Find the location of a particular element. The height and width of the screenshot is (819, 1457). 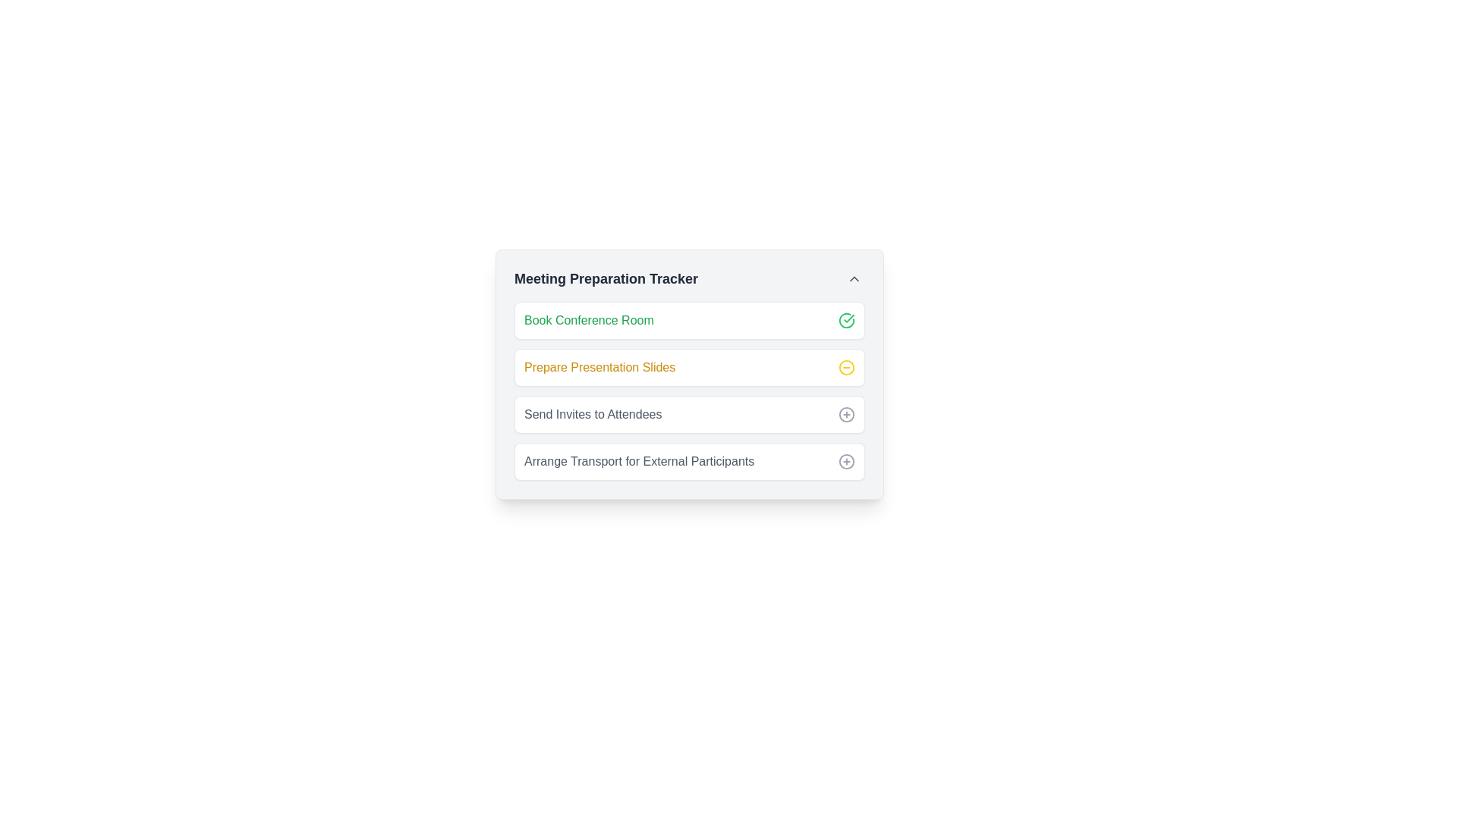

the button on the right side of the 'Send Invites to Attendees' list item, located within the 'Meeting Preparation Tracker' panel is located at coordinates (846, 415).